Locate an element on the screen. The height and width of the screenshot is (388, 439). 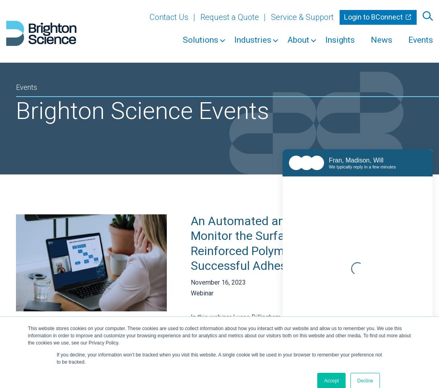
'This website stores cookies on your computer. These cookies are used to collect information about how you interact with our website and allow us to remember you. We use this information in order to improve and customize your browsing experience and for analytics and metrics about our visitors both on this website and other media. To find out more about the cookies we use, see our Privacy Policy.' is located at coordinates (27, 335).